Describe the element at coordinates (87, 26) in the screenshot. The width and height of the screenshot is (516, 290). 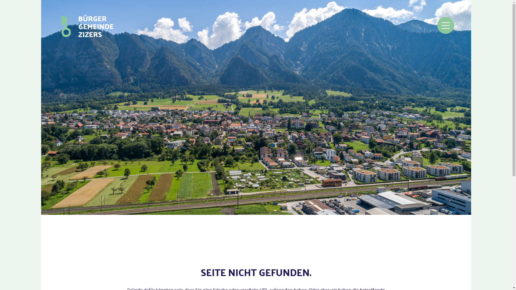
I see `'zur Startseite'` at that location.